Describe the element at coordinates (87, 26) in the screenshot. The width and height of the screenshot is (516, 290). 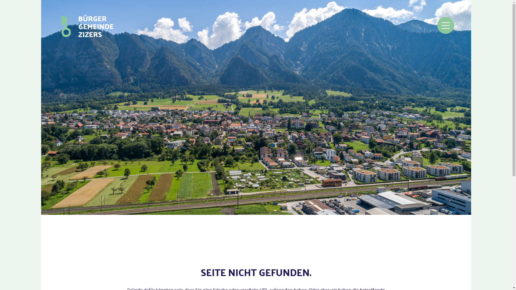
I see `'zur Startseite'` at that location.